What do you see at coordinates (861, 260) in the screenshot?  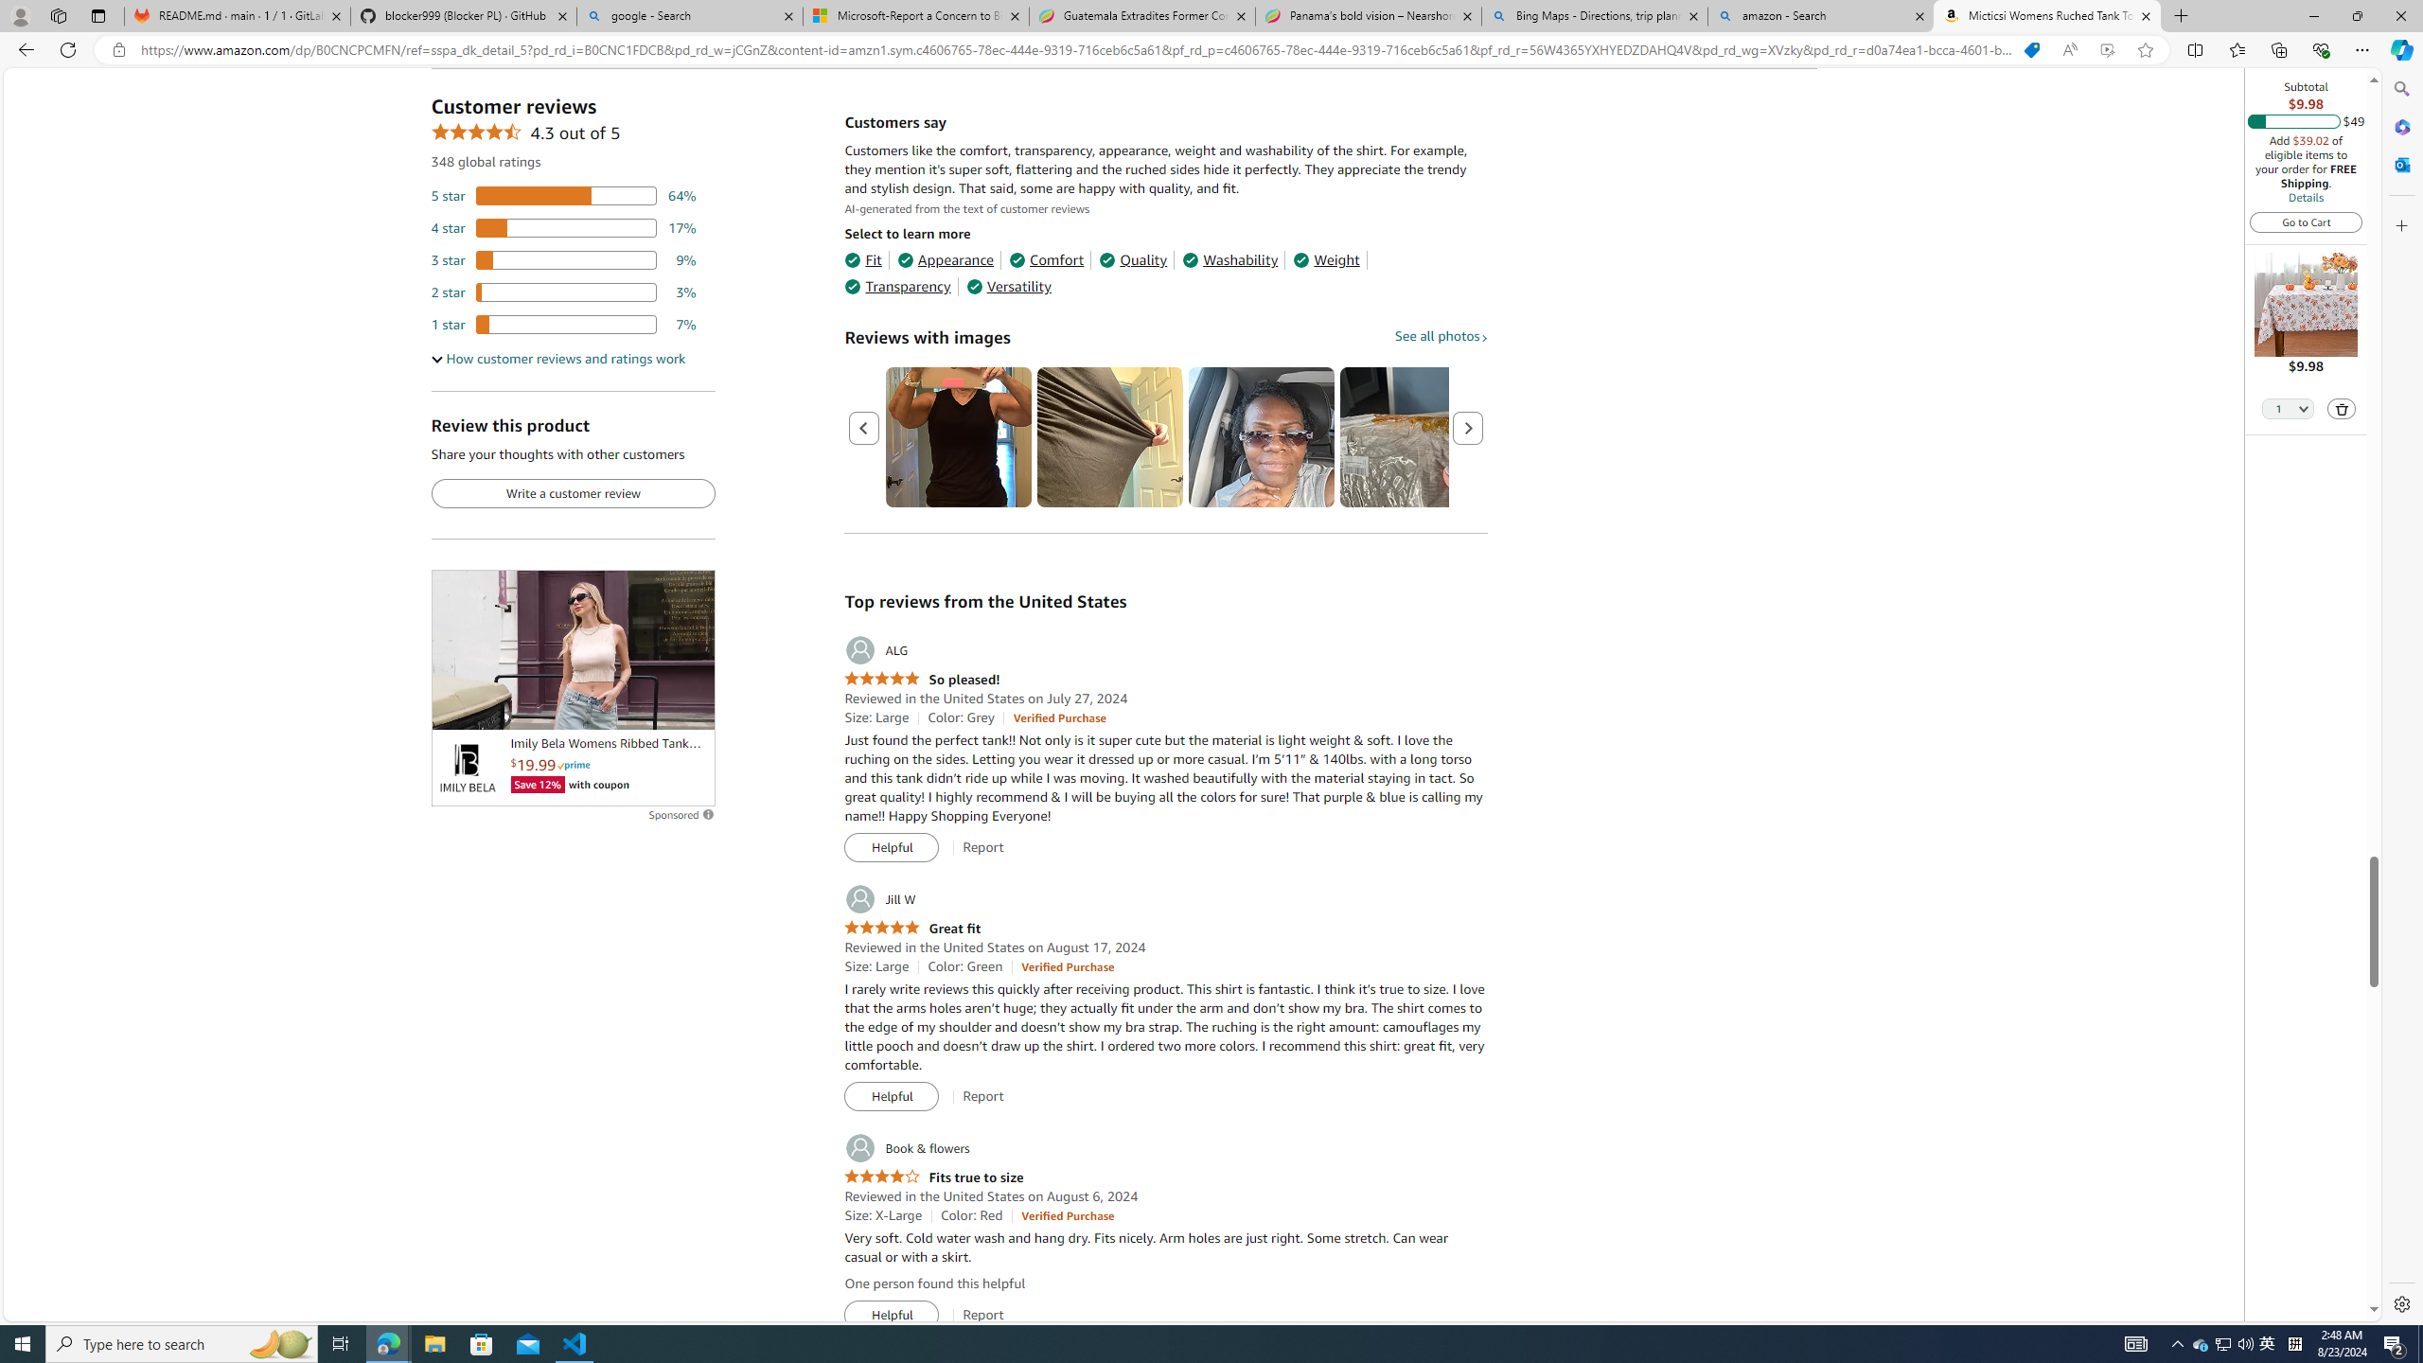 I see `'Fit'` at bounding box center [861, 260].